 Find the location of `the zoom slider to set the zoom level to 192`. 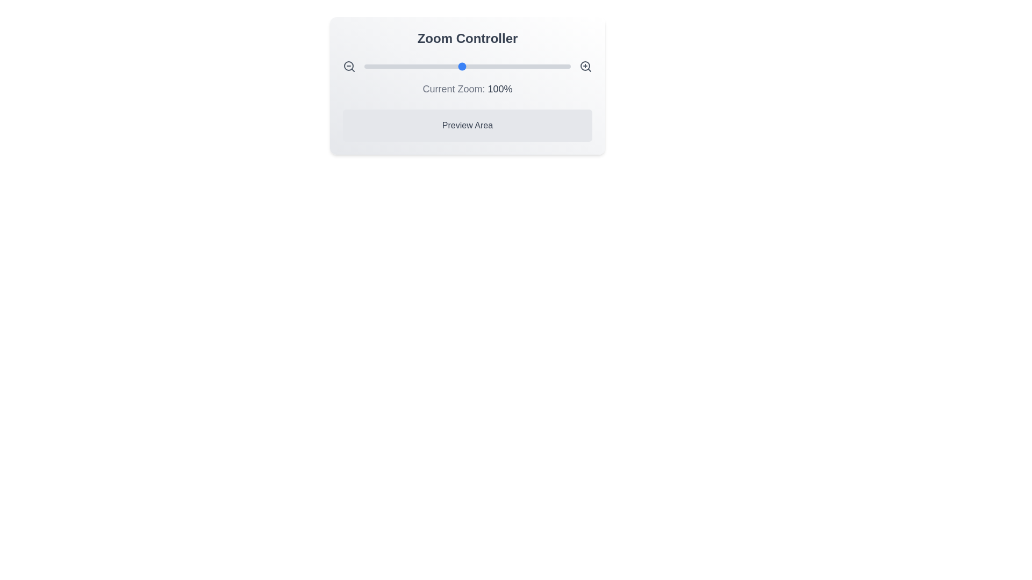

the zoom slider to set the zoom level to 192 is located at coordinates (561, 66).